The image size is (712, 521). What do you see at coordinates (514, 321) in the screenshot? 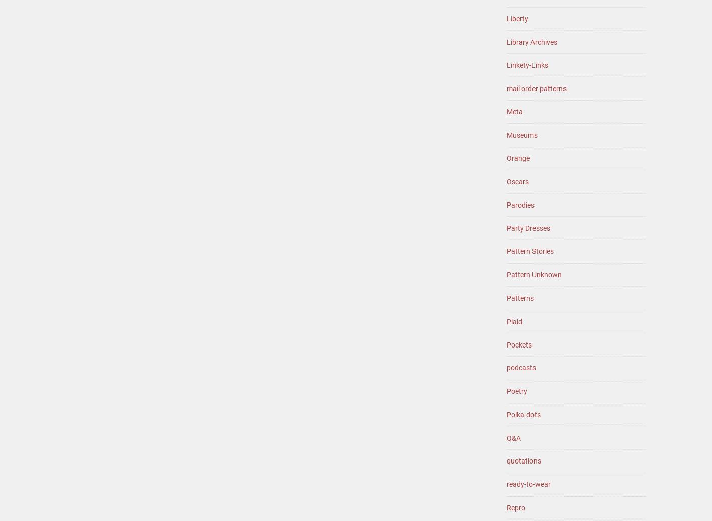
I see `'Plaid'` at bounding box center [514, 321].